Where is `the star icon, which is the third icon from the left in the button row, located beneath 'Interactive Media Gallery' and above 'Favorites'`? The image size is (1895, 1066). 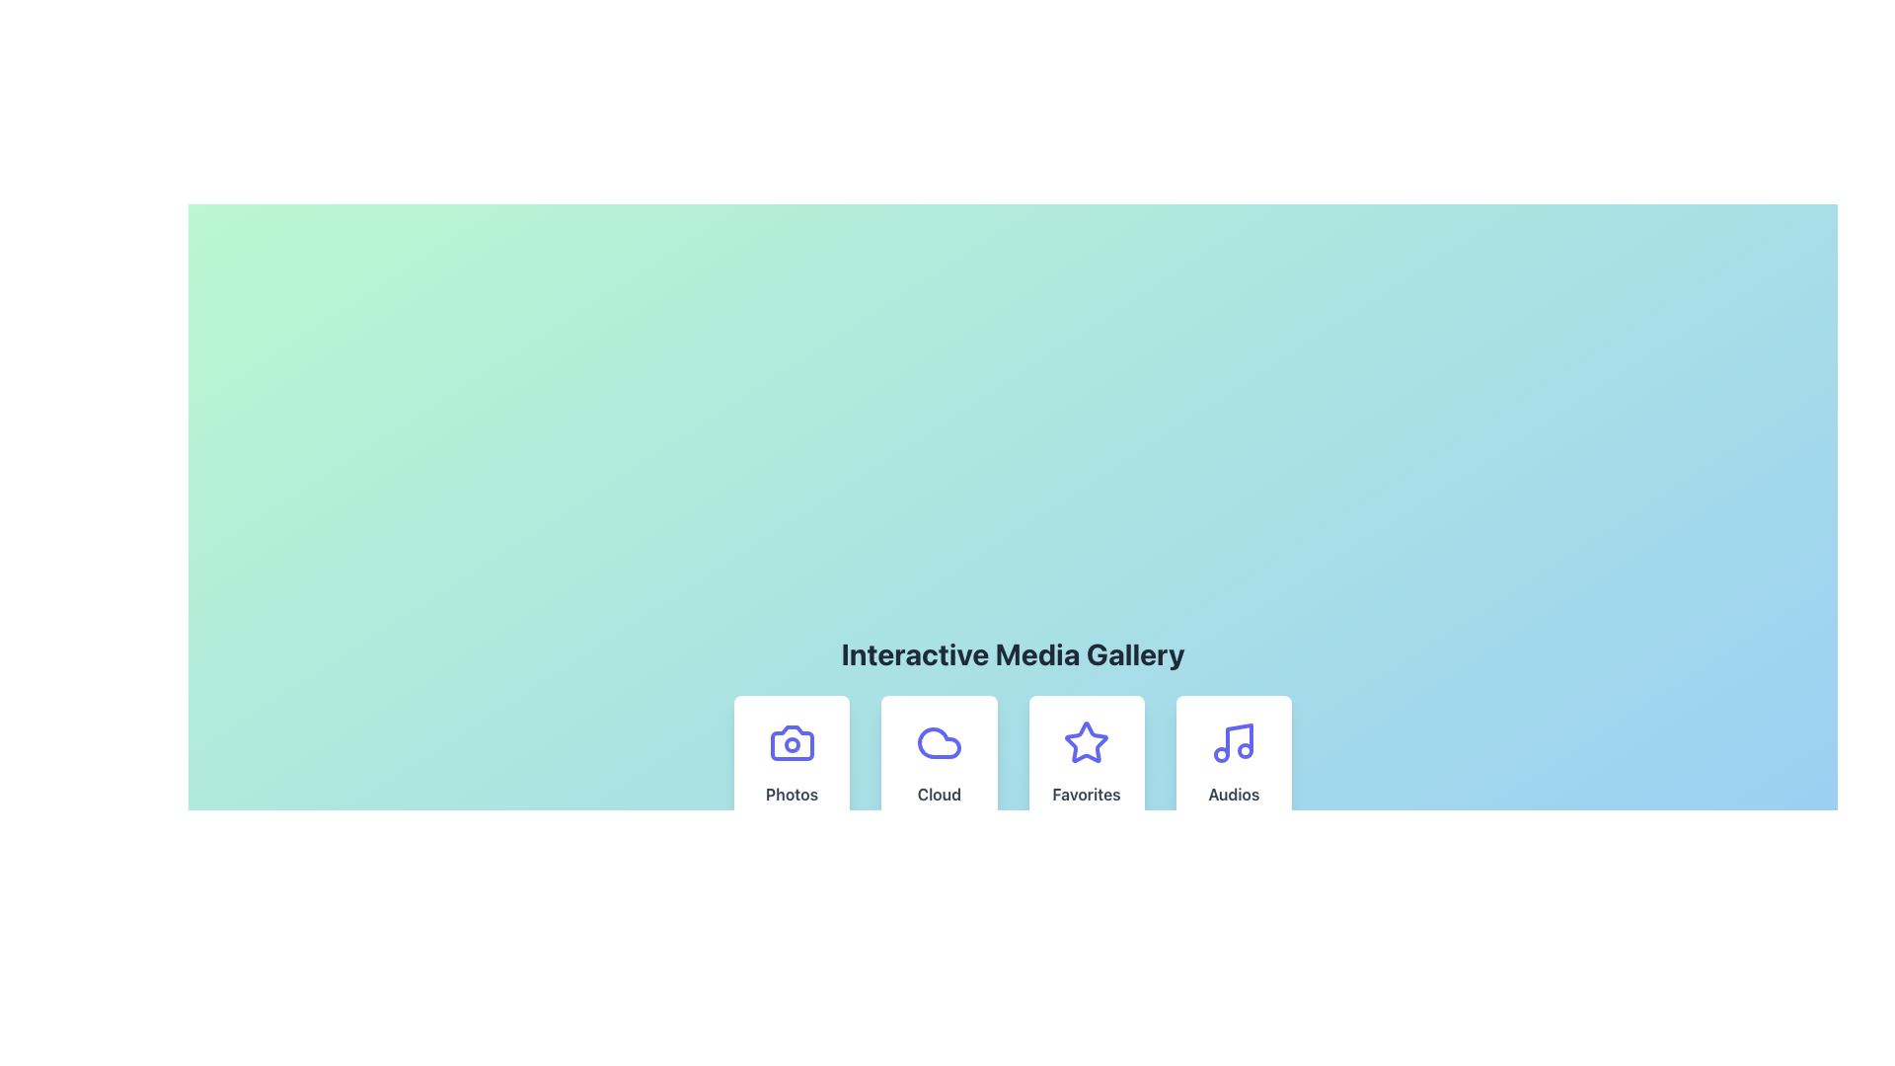
the star icon, which is the third icon from the left in the button row, located beneath 'Interactive Media Gallery' and above 'Favorites' is located at coordinates (1086, 742).